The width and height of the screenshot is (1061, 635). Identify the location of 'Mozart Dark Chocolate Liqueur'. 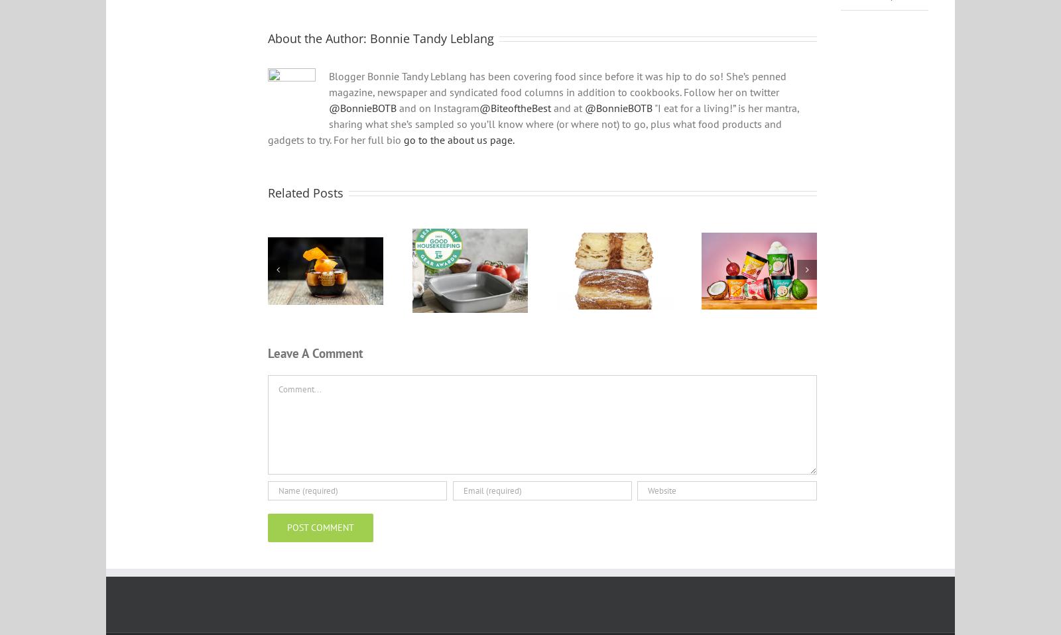
(324, 293).